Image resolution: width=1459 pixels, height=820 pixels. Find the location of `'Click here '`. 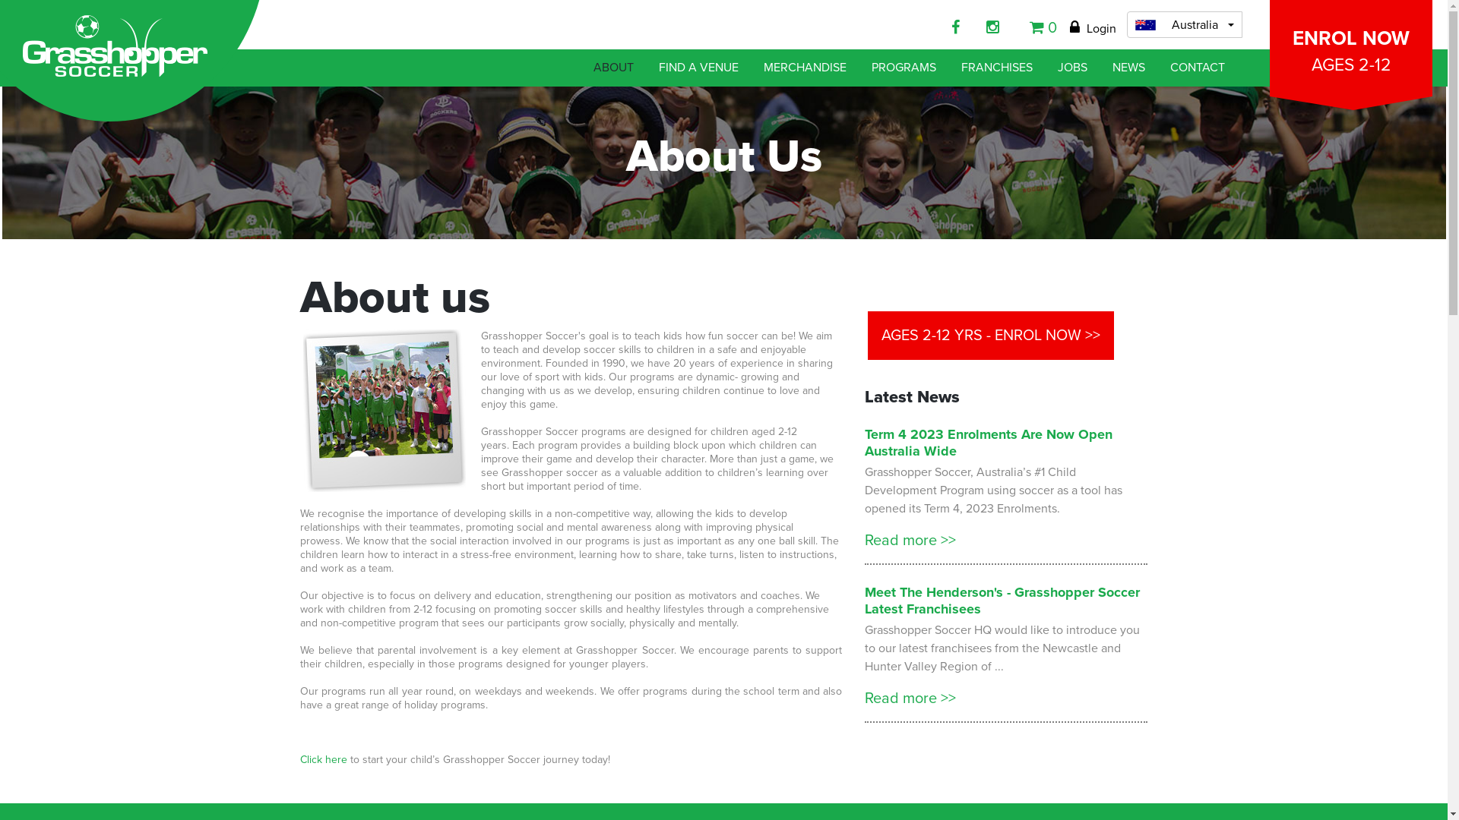

'Click here ' is located at coordinates (324, 759).